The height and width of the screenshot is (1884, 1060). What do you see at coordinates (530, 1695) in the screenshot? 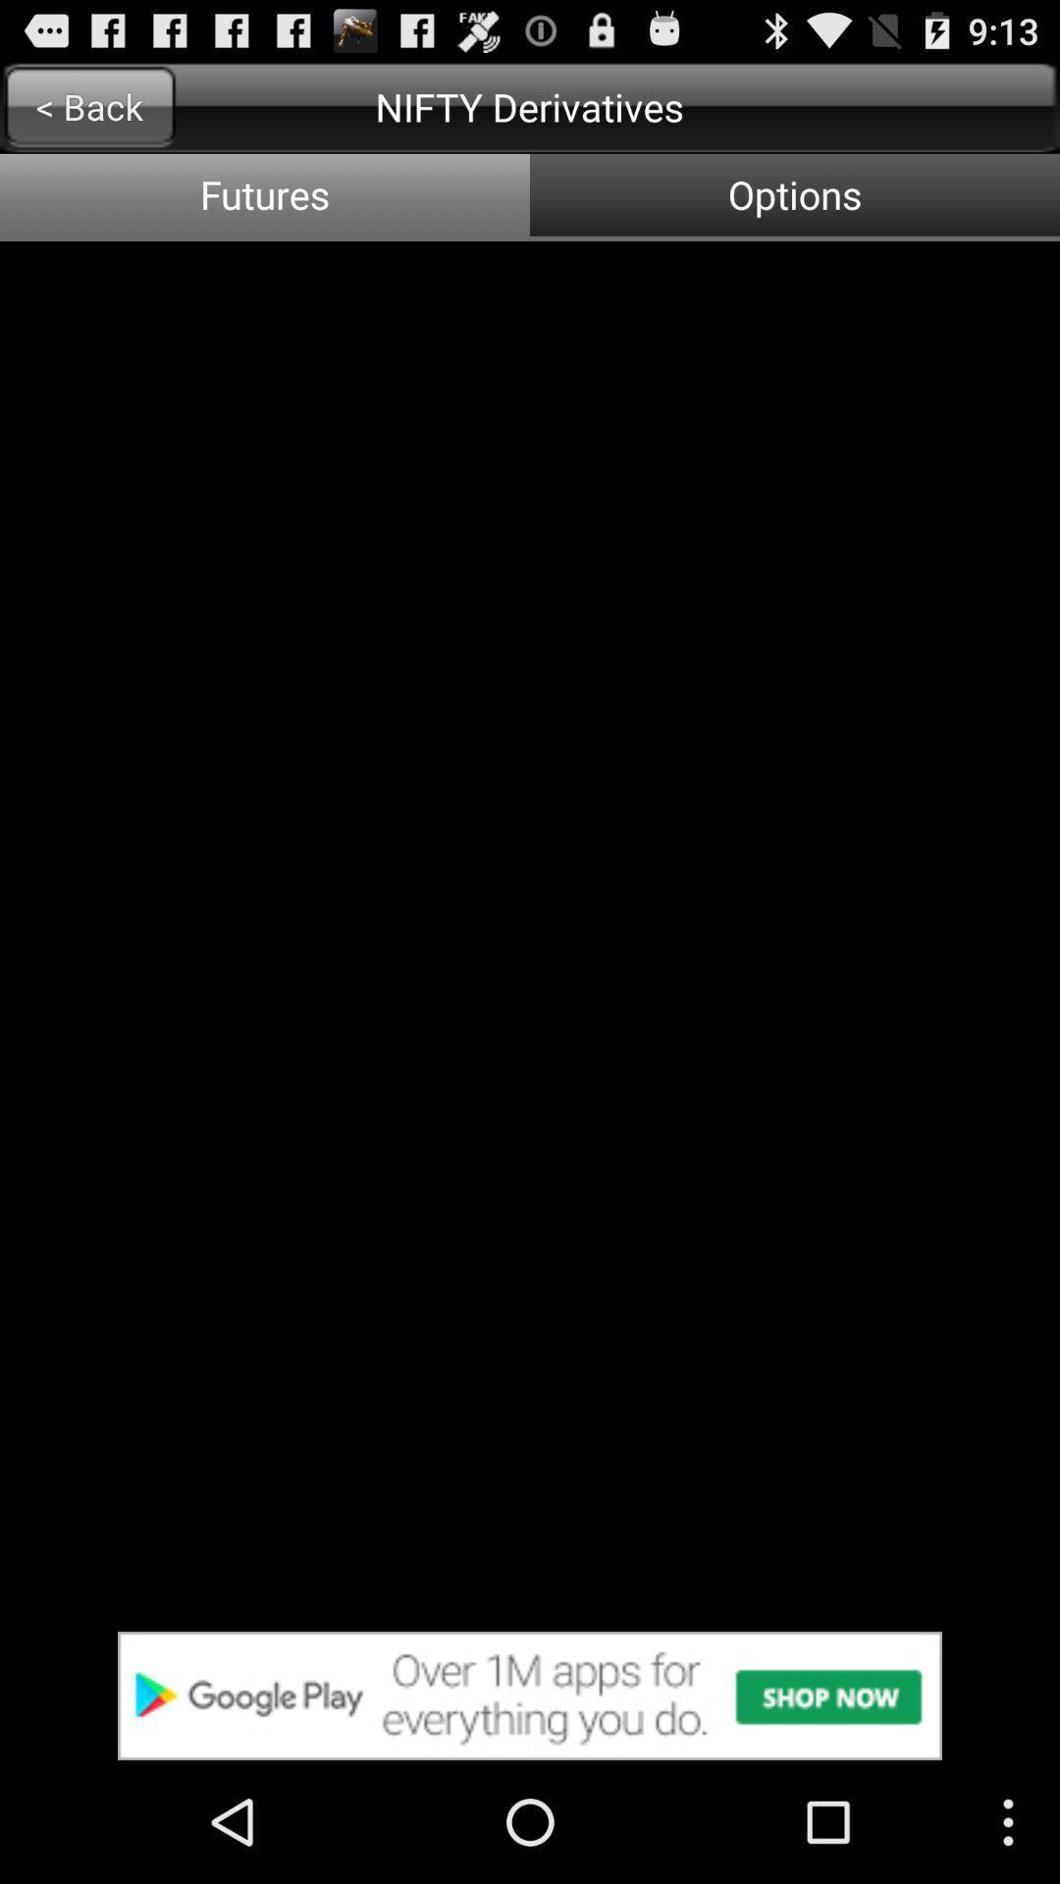
I see `advertisement link` at bounding box center [530, 1695].